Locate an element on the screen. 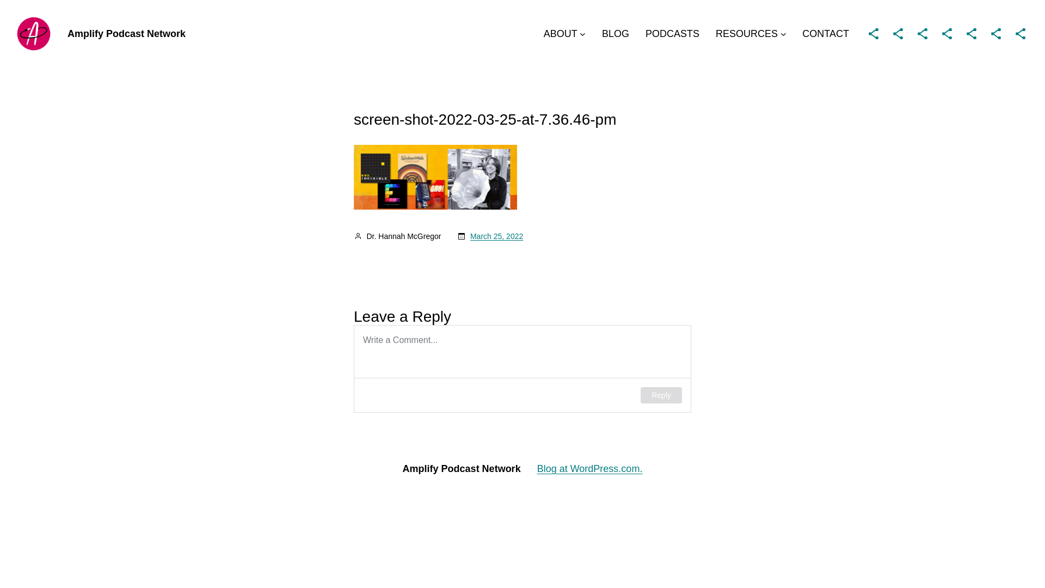 Image resolution: width=1045 pixels, height=588 pixels. 'BLOG' is located at coordinates (616, 33).